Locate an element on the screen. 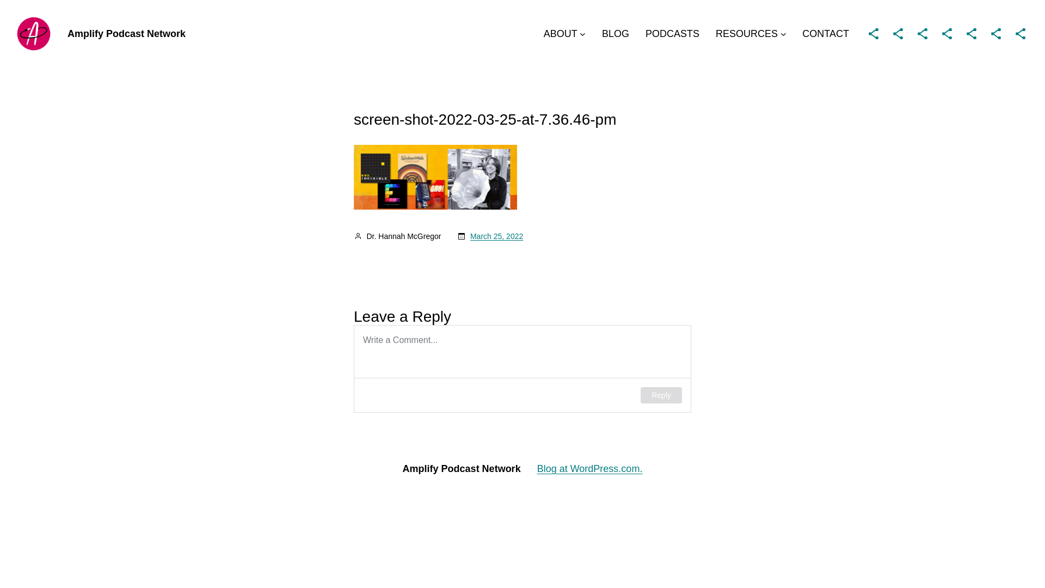 Image resolution: width=1045 pixels, height=588 pixels. 'BLOG' is located at coordinates (616, 33).